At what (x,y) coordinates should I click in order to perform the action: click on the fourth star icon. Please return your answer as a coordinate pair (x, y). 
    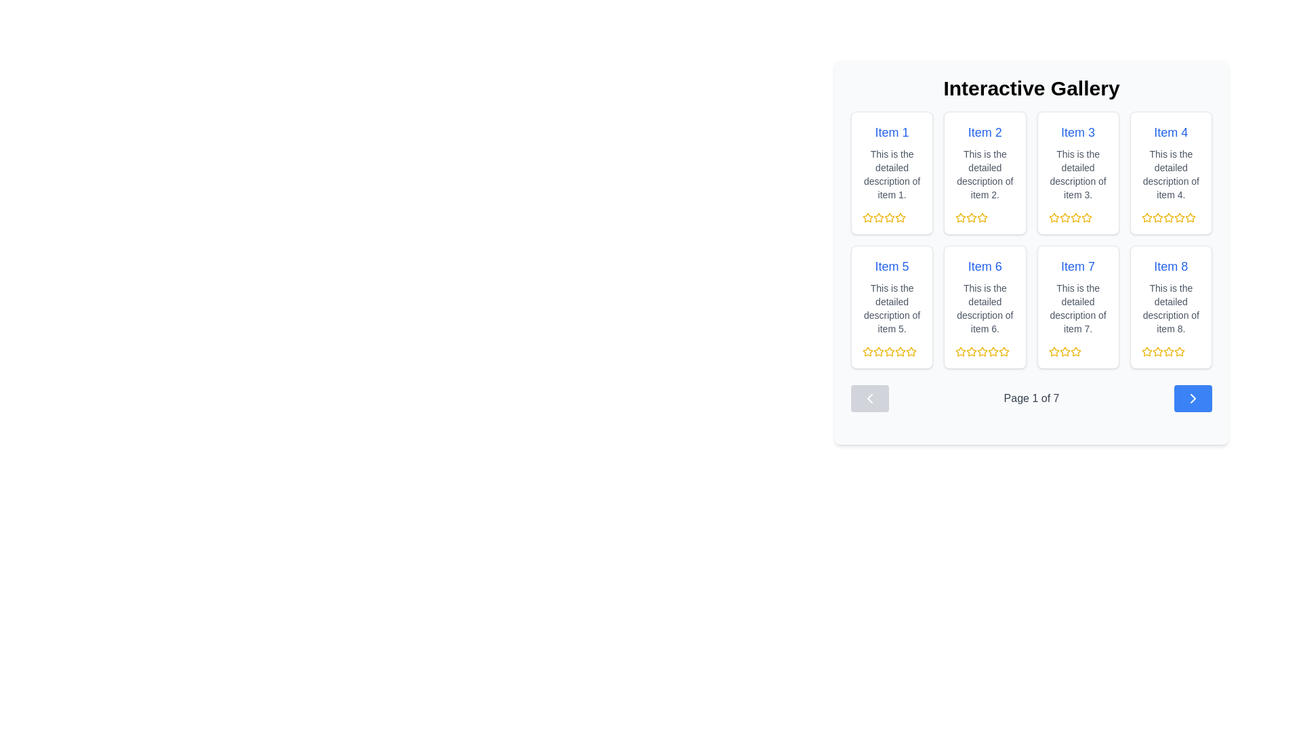
    Looking at the image, I should click on (890, 217).